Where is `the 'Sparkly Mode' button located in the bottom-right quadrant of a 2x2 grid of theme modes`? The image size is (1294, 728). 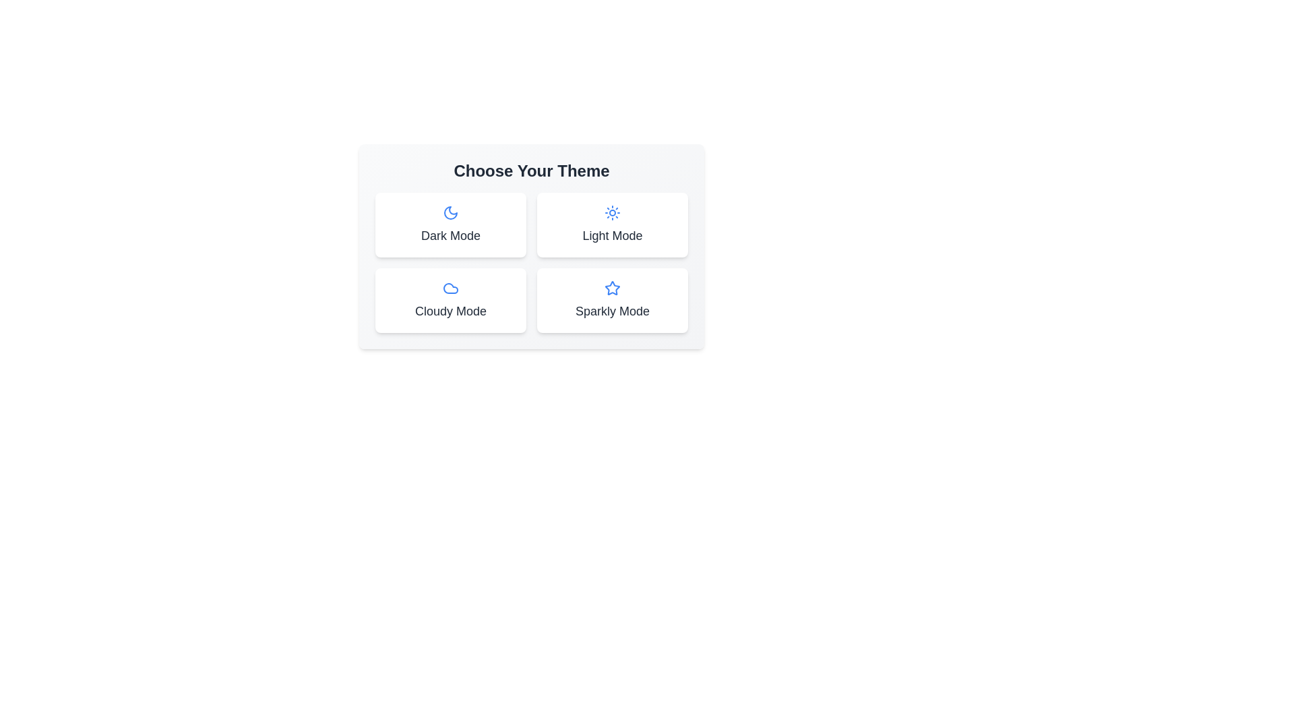 the 'Sparkly Mode' button located in the bottom-right quadrant of a 2x2 grid of theme modes is located at coordinates (611, 300).